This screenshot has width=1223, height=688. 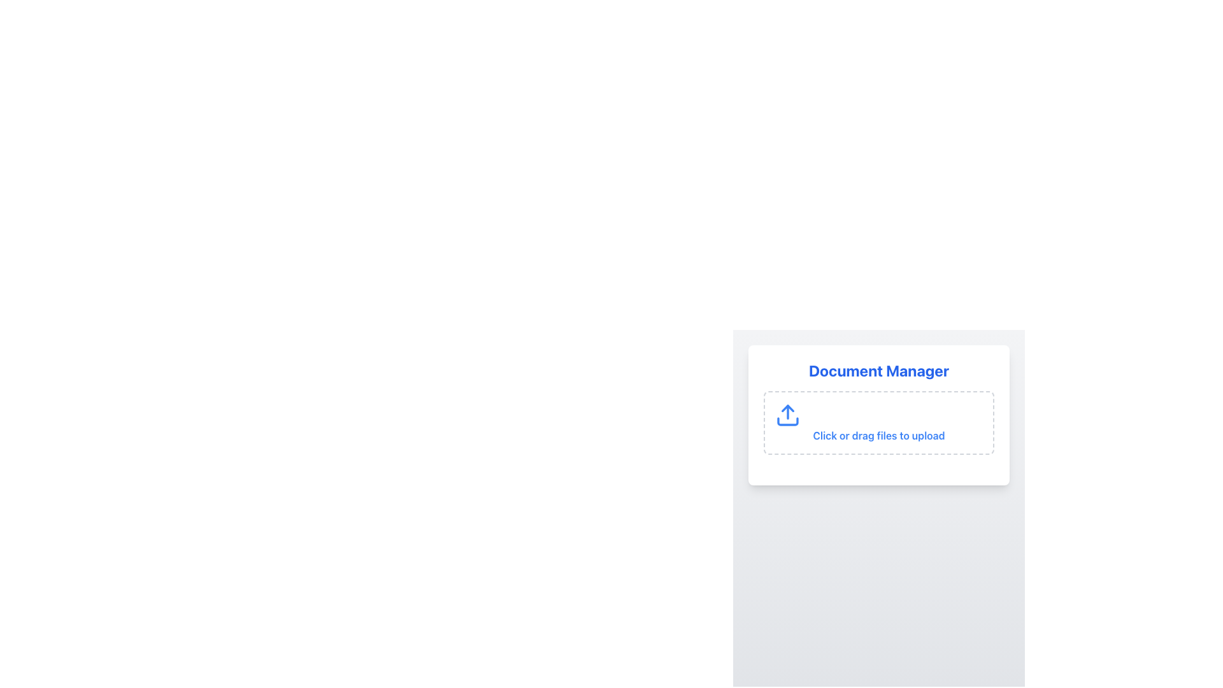 I want to click on the static text label displaying 'Click or drag files to upload' in blue, located underneath the upload icon in the Document Manager section, so click(x=878, y=434).